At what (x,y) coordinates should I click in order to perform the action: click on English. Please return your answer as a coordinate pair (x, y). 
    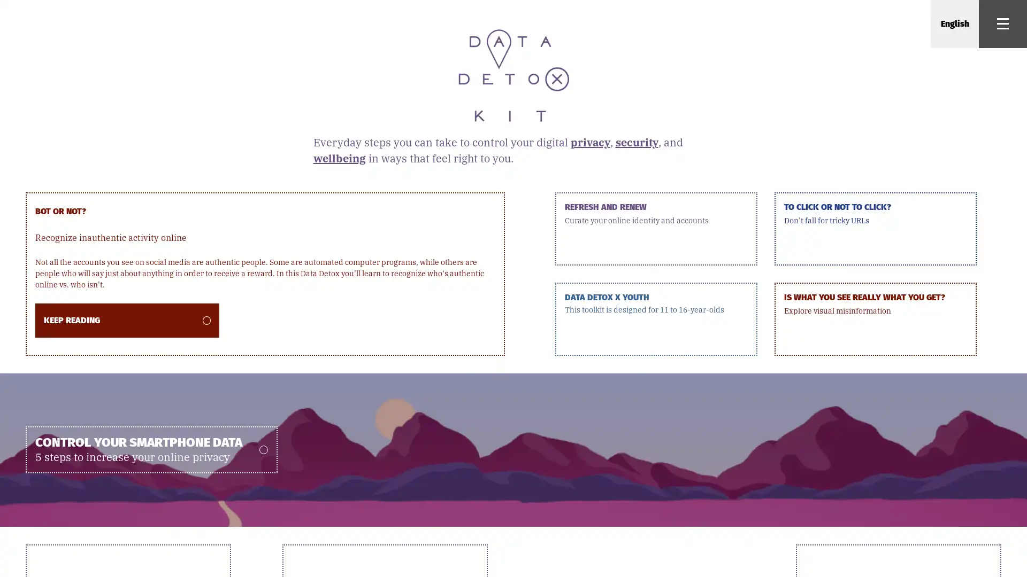
    Looking at the image, I should click on (954, 24).